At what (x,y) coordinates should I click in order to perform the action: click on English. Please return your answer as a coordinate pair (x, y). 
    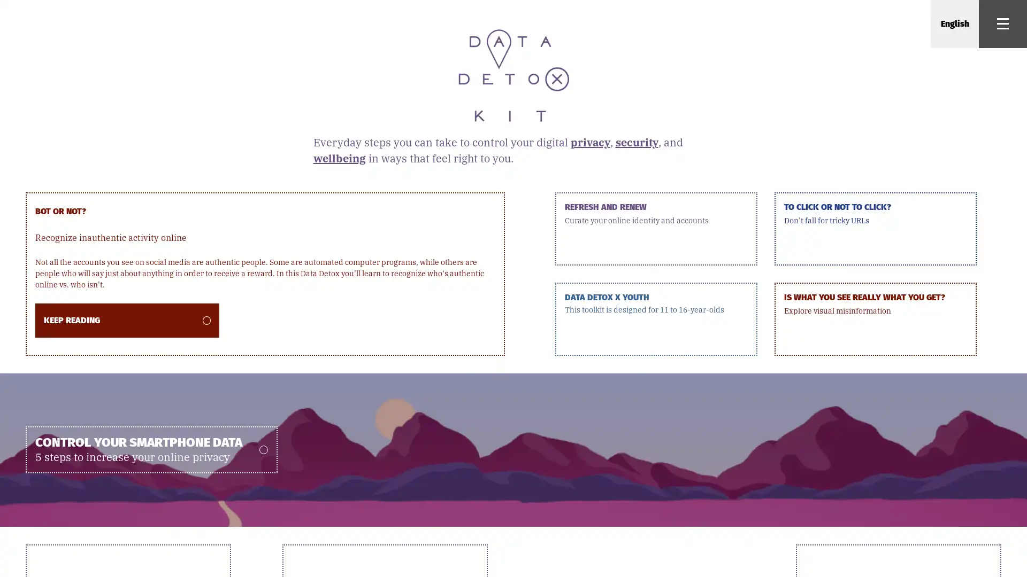
    Looking at the image, I should click on (954, 24).